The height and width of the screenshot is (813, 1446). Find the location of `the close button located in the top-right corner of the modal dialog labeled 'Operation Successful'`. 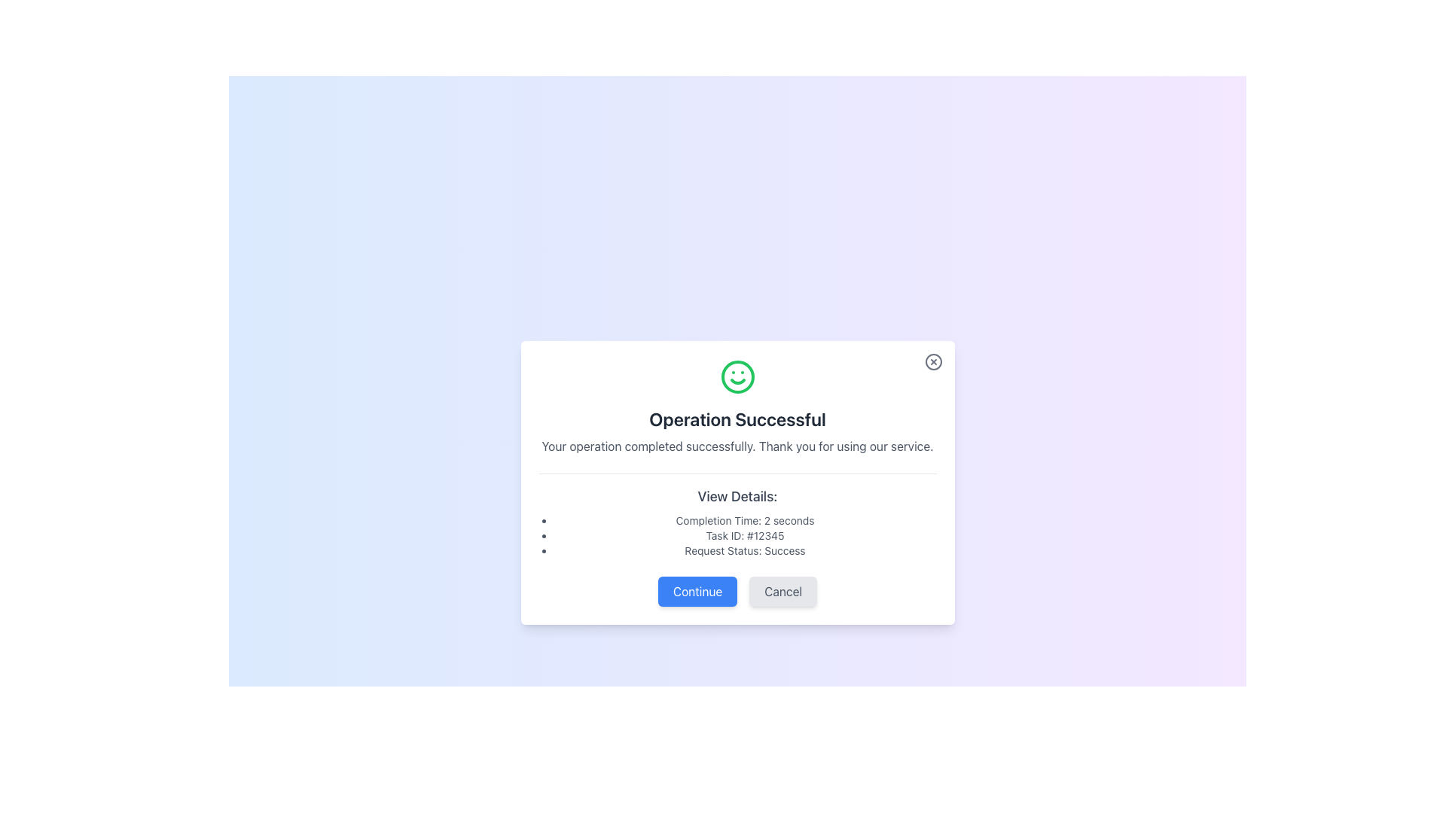

the close button located in the top-right corner of the modal dialog labeled 'Operation Successful' is located at coordinates (932, 361).